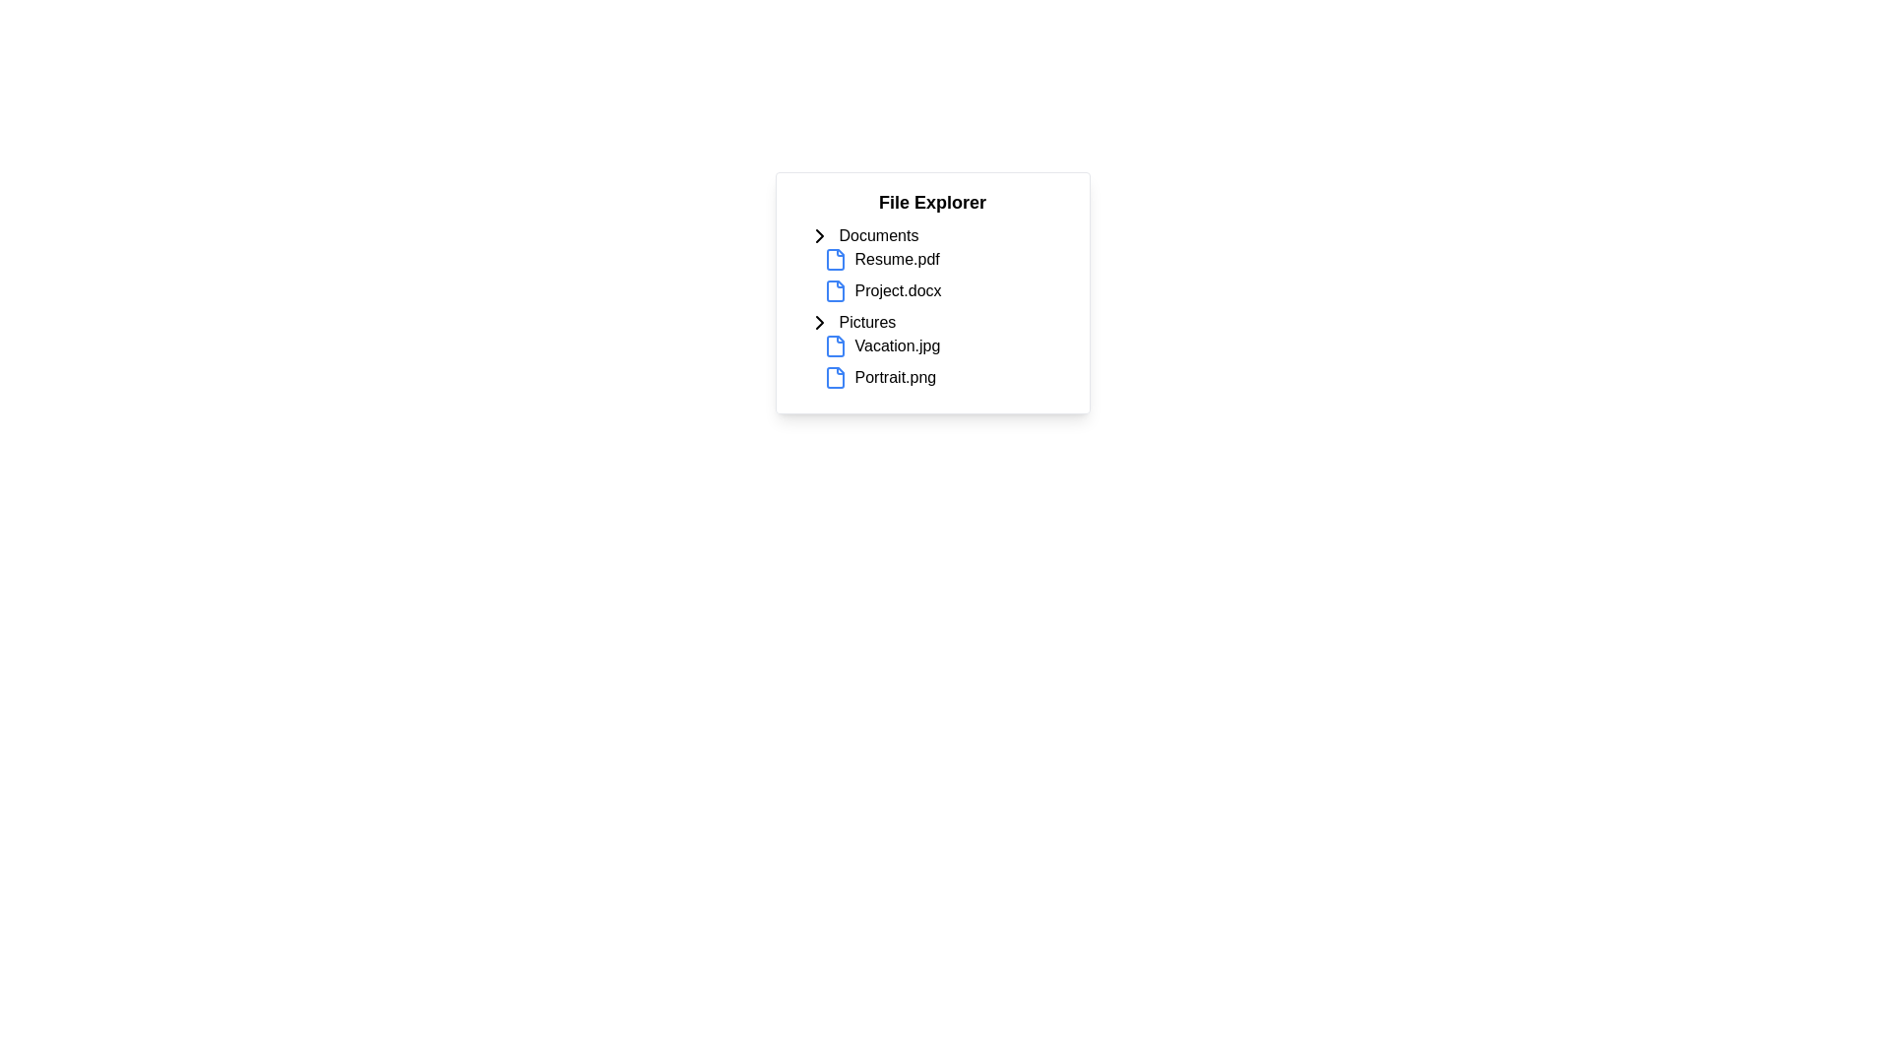  Describe the element at coordinates (835, 378) in the screenshot. I see `the leftmost icon representing the file 'Portrait.png' in the File Explorer interface` at that location.